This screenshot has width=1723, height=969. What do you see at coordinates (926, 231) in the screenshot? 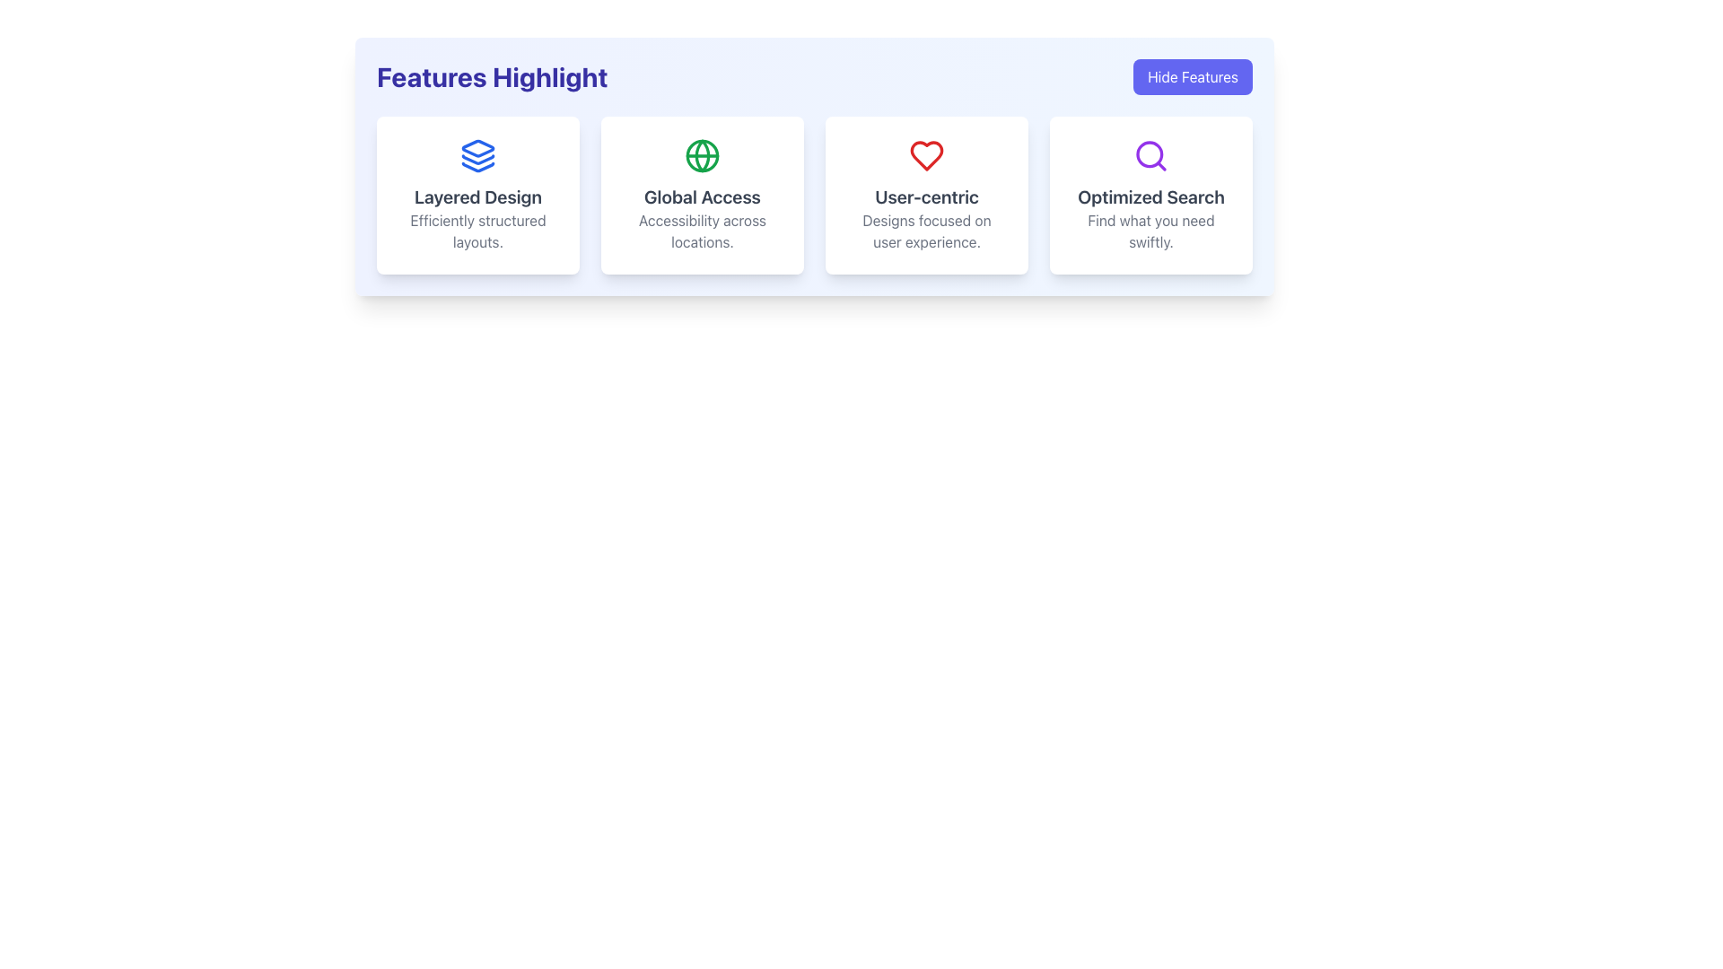
I see `descriptive information provided by the Text label located directly below the 'User-centric' title in the third card from the left` at bounding box center [926, 231].